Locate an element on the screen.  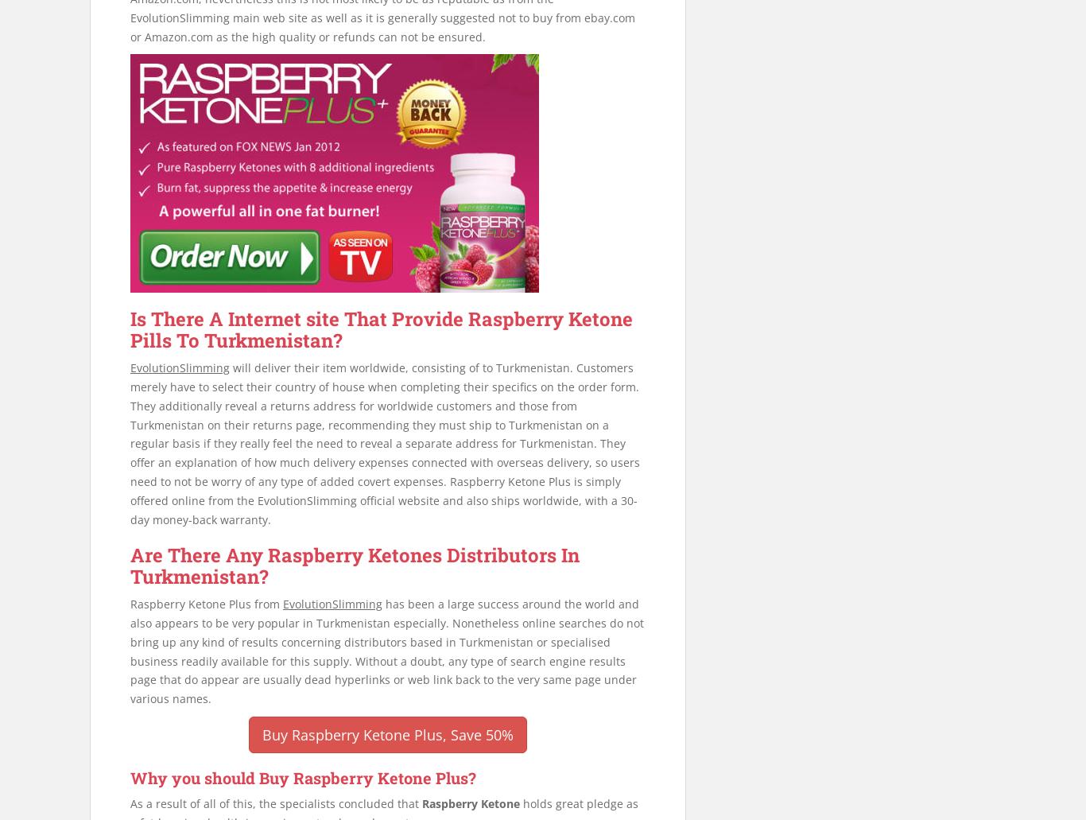
'Buy Raspberry Ketone Plus, Save 50%' is located at coordinates (387, 734).